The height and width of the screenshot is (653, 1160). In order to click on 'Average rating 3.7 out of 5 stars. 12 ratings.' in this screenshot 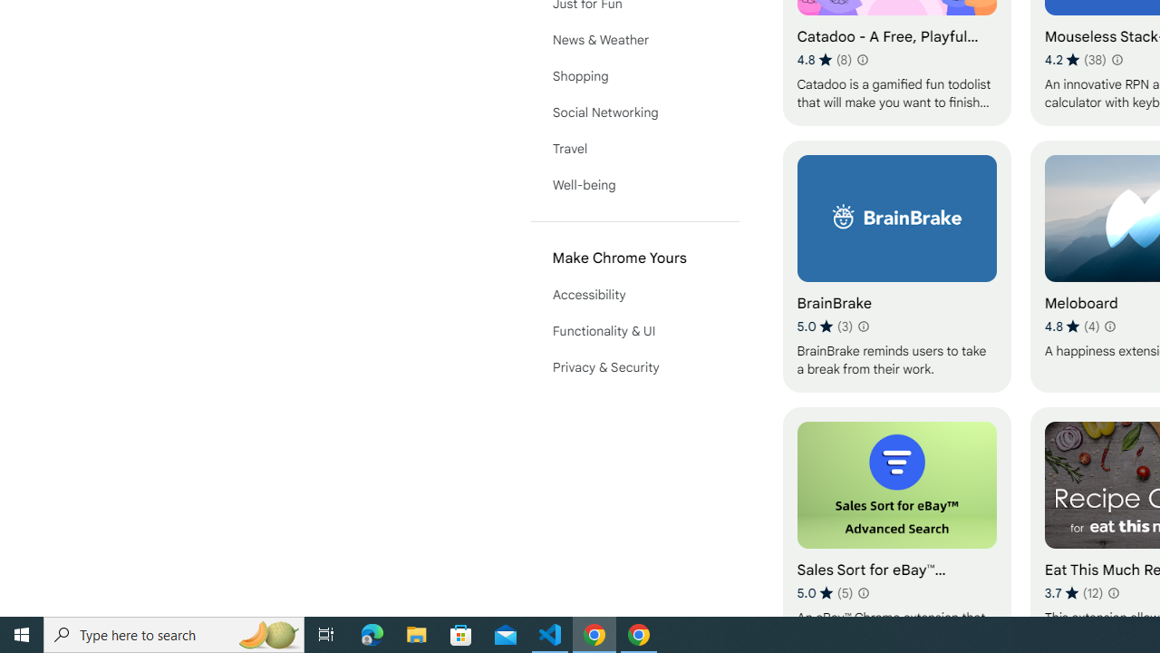, I will do `click(1074, 592)`.